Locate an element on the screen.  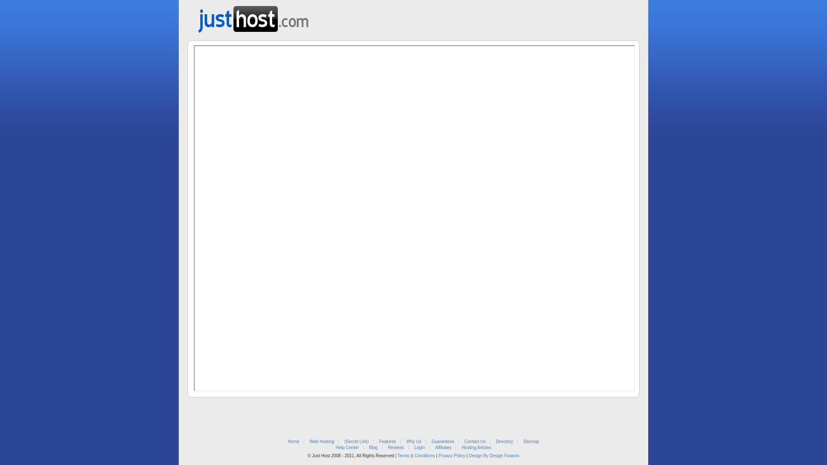
'Help Center' is located at coordinates (347, 447).